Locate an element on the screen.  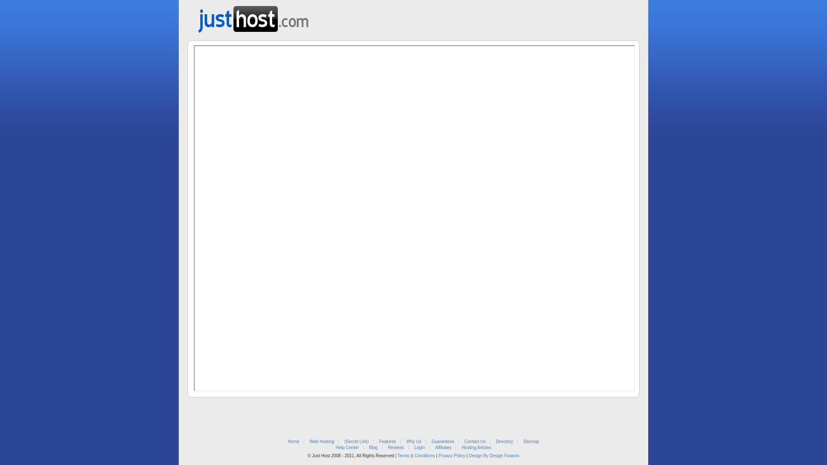
'Help Center' is located at coordinates (347, 447).